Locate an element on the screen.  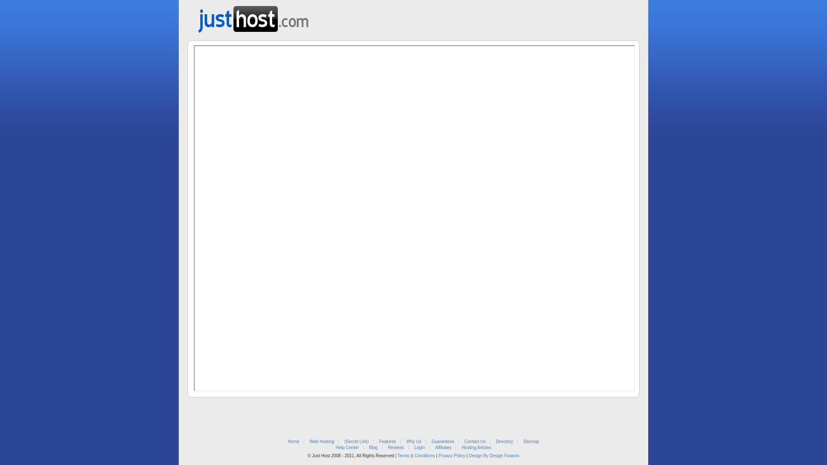
'Help Center' is located at coordinates (347, 447).